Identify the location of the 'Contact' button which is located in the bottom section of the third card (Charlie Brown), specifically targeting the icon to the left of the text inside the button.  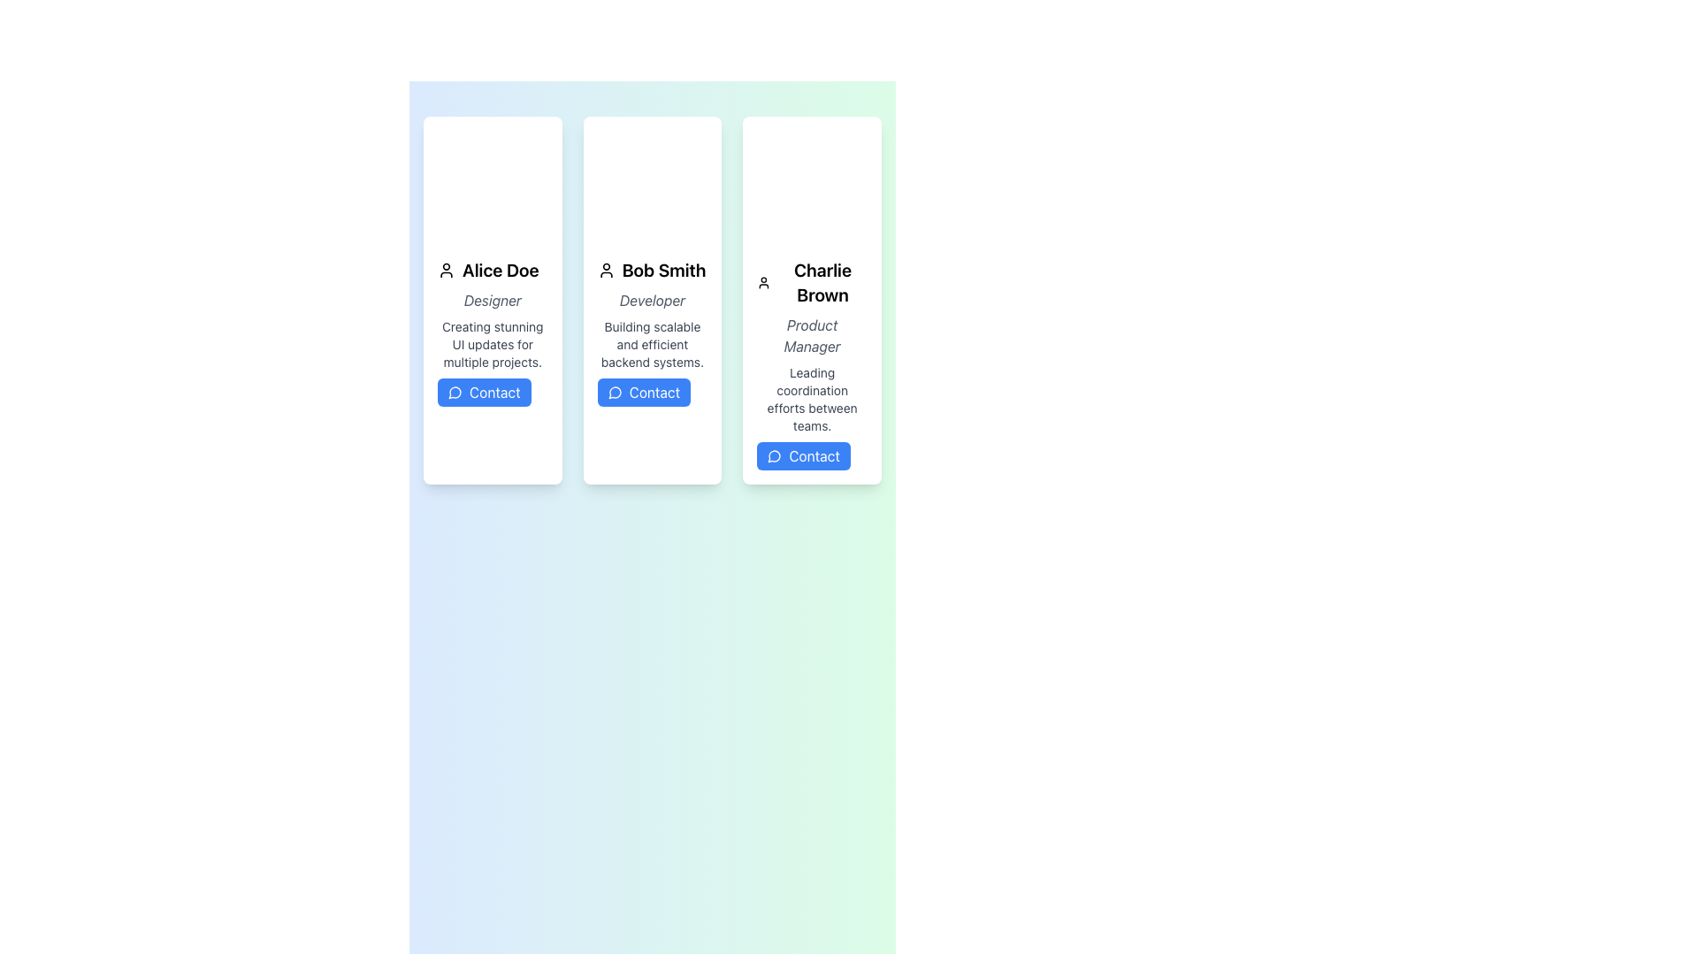
(775, 455).